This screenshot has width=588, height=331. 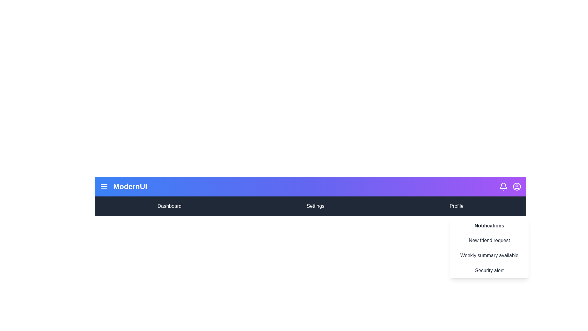 I want to click on menu button to toggle the menu visibility, so click(x=104, y=186).